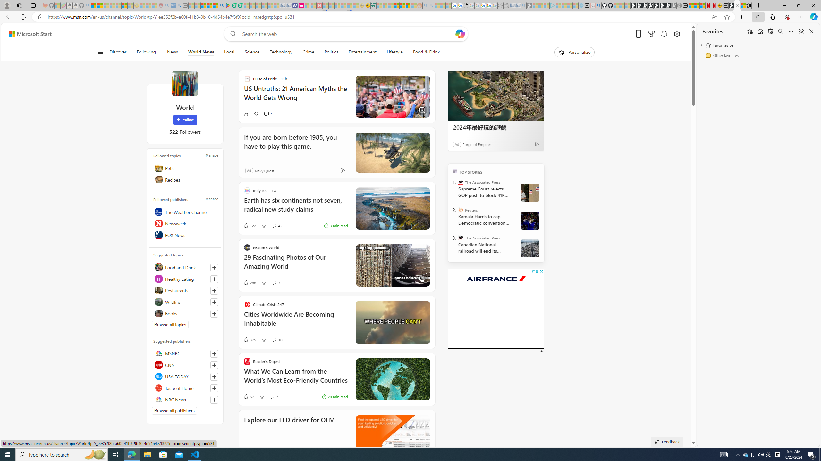 The width and height of the screenshot is (821, 461). I want to click on 'Personalize', so click(574, 52).